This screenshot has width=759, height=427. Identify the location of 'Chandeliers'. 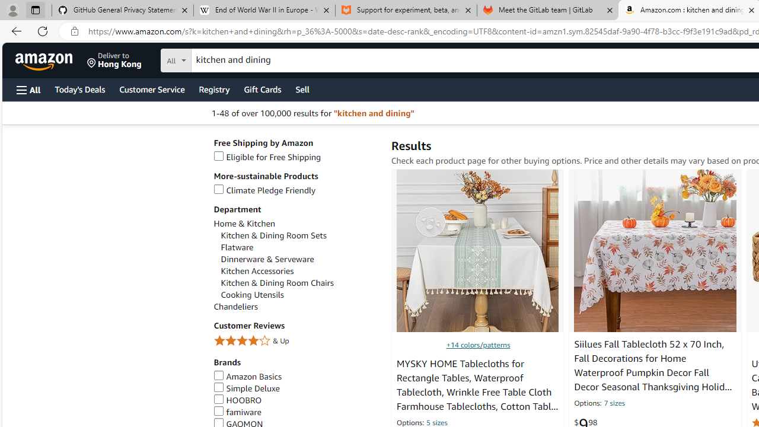
(296, 306).